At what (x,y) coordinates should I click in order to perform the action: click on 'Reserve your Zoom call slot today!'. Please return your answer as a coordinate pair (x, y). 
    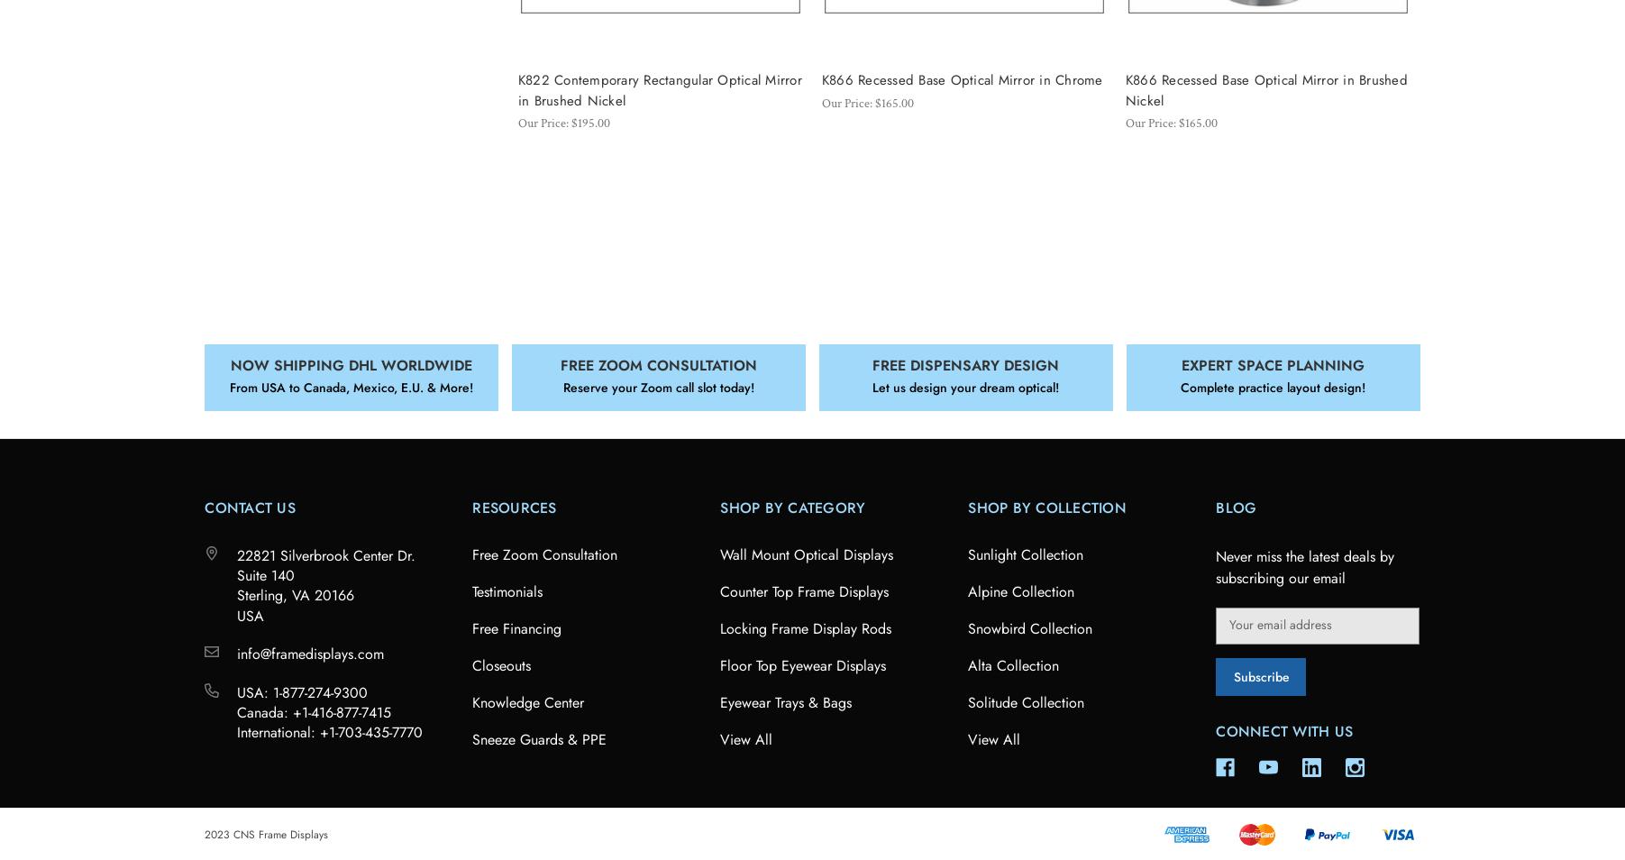
    Looking at the image, I should click on (562, 387).